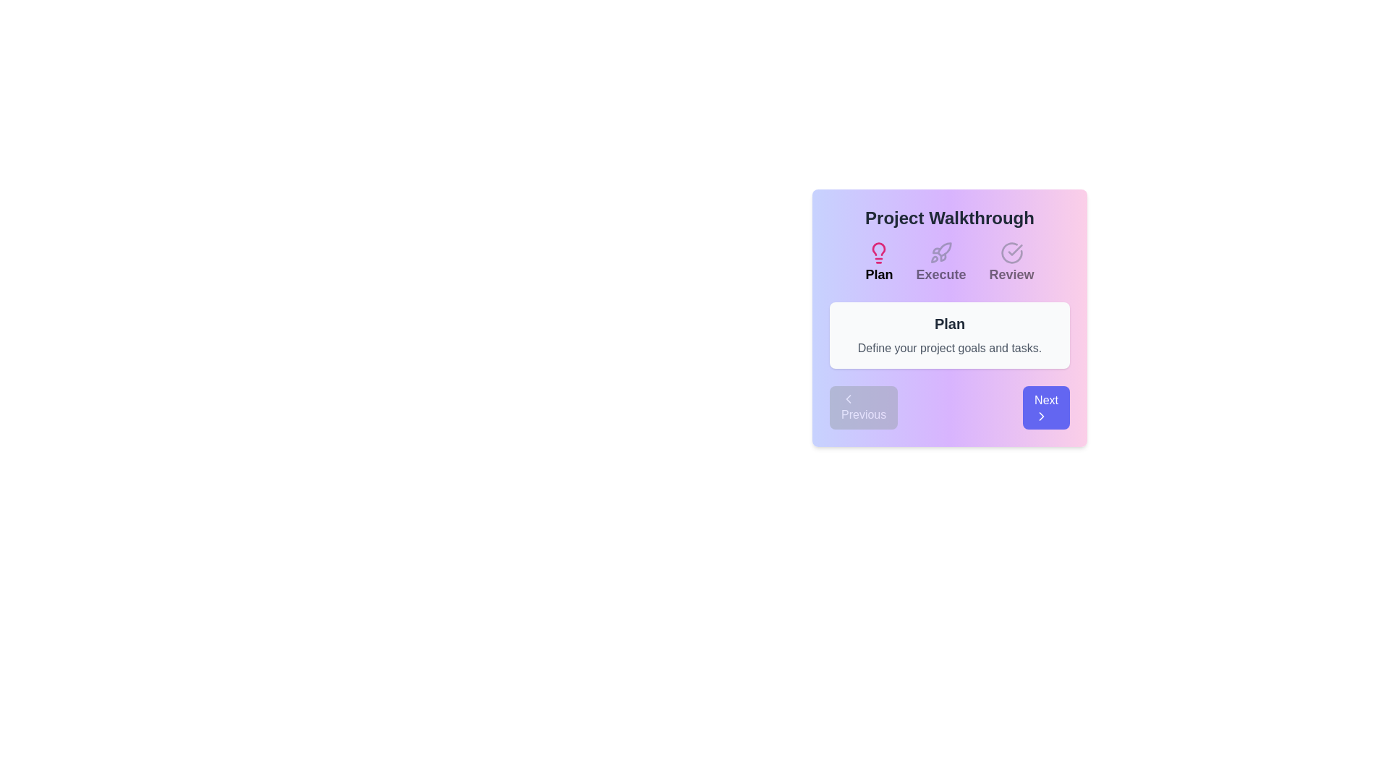 Image resolution: width=1389 pixels, height=781 pixels. I want to click on the icon of the step Plan, so click(878, 252).